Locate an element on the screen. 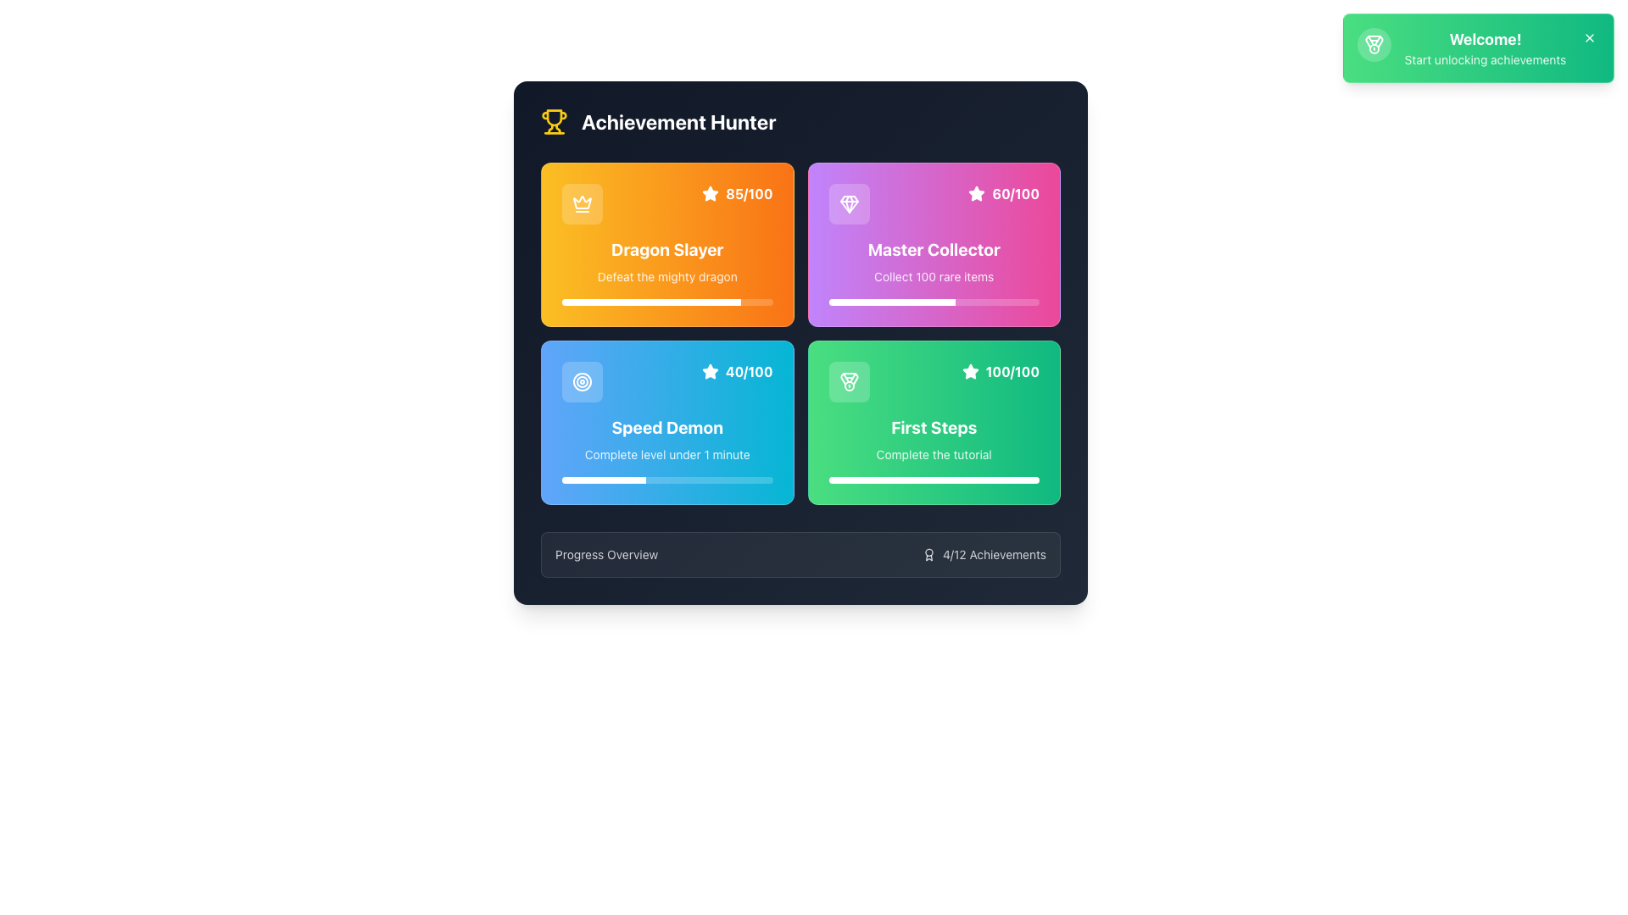  the progress of the 'Dragon Slayer' achievement is located at coordinates (680, 302).